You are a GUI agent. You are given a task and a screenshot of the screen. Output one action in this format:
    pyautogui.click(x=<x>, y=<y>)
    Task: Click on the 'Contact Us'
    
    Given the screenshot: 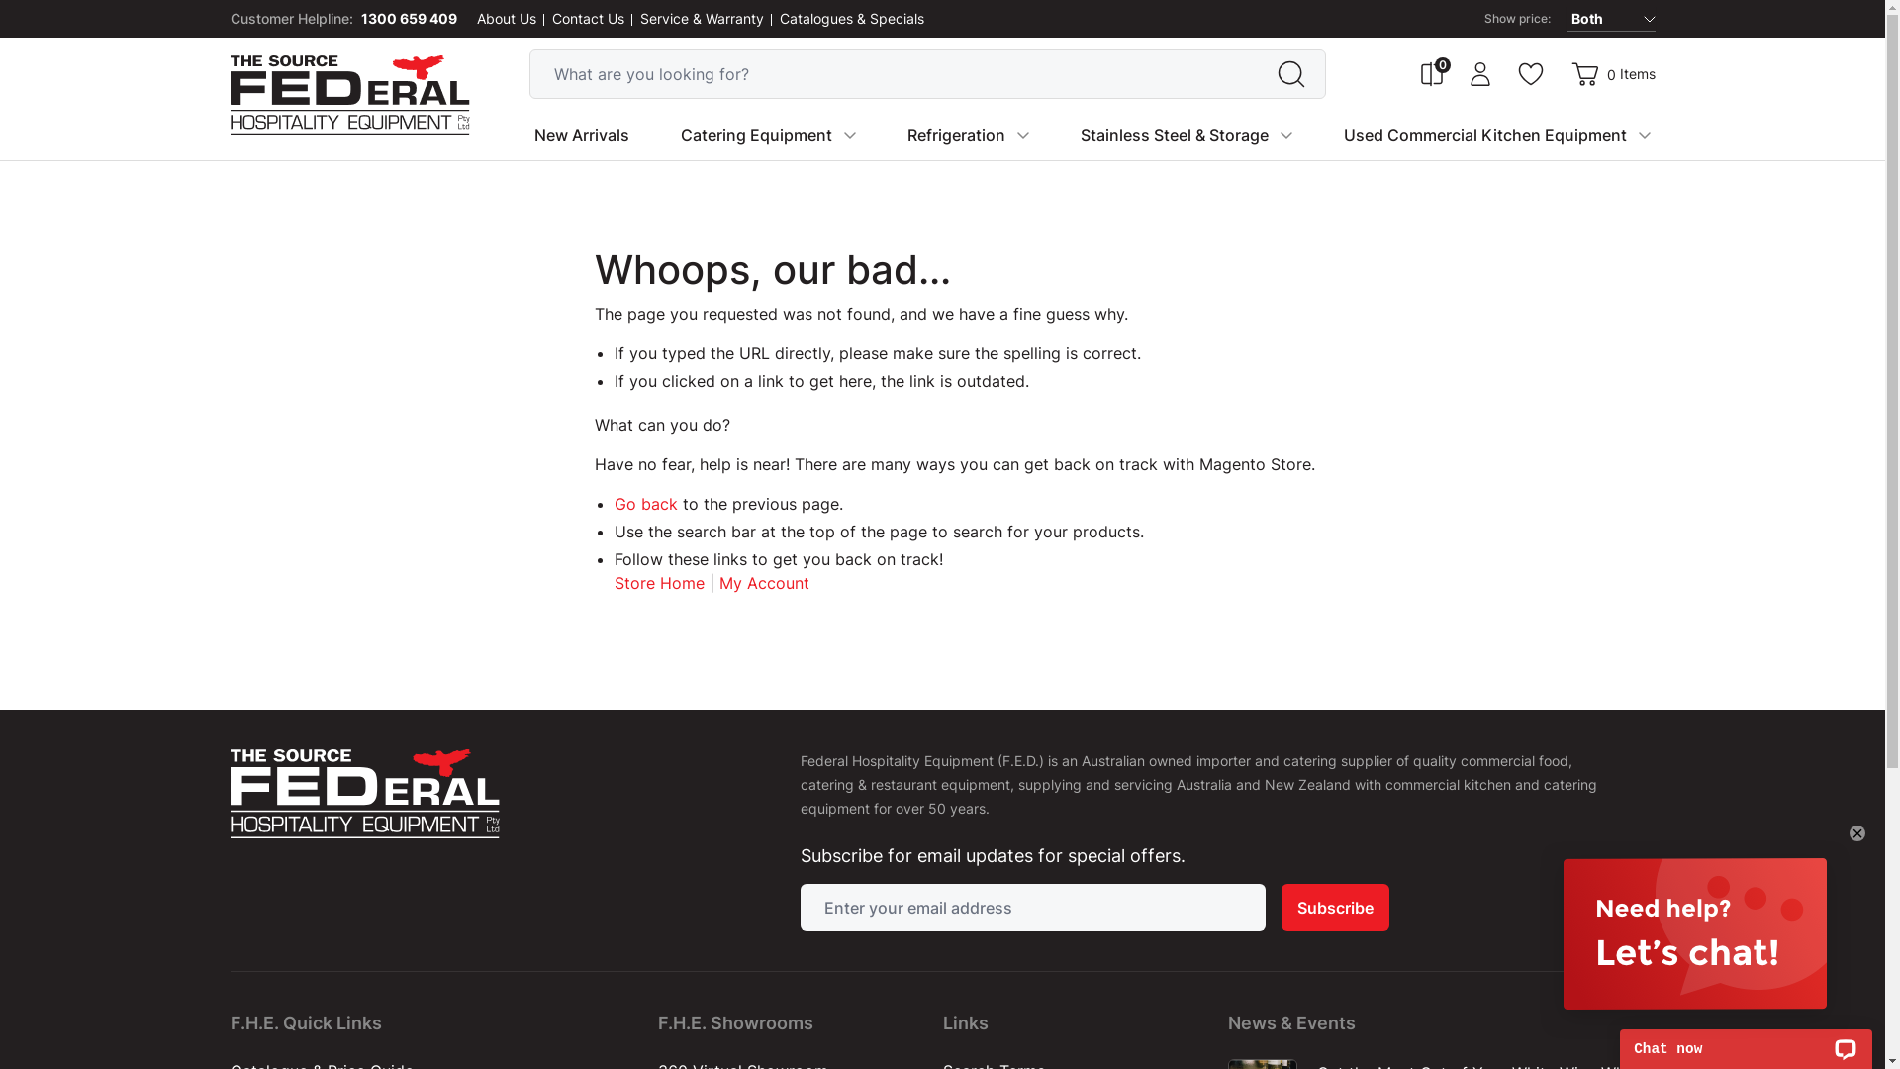 What is the action you would take?
    pyautogui.click(x=587, y=19)
    